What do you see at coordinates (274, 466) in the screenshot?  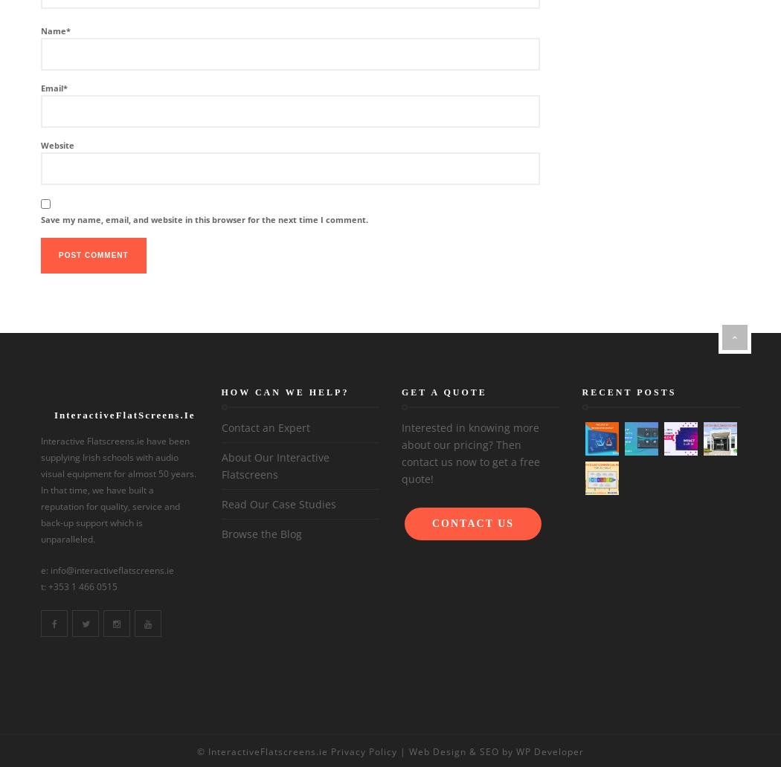 I see `'About Our Interactive Flatscreens'` at bounding box center [274, 466].